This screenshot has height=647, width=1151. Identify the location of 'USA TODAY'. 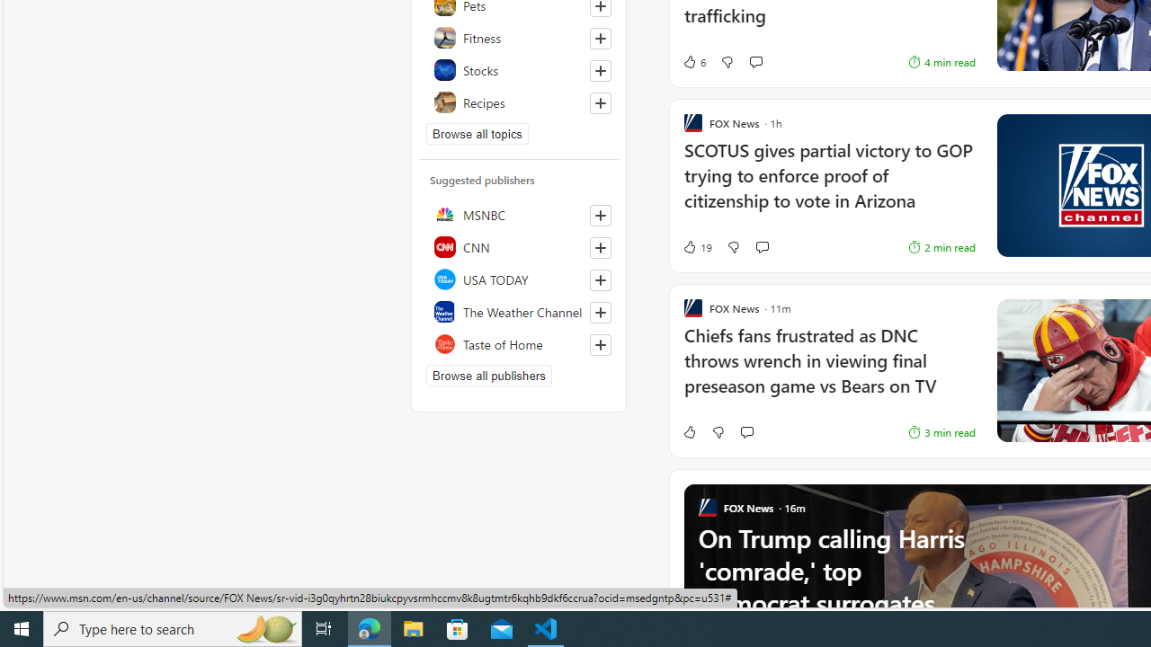
(518, 279).